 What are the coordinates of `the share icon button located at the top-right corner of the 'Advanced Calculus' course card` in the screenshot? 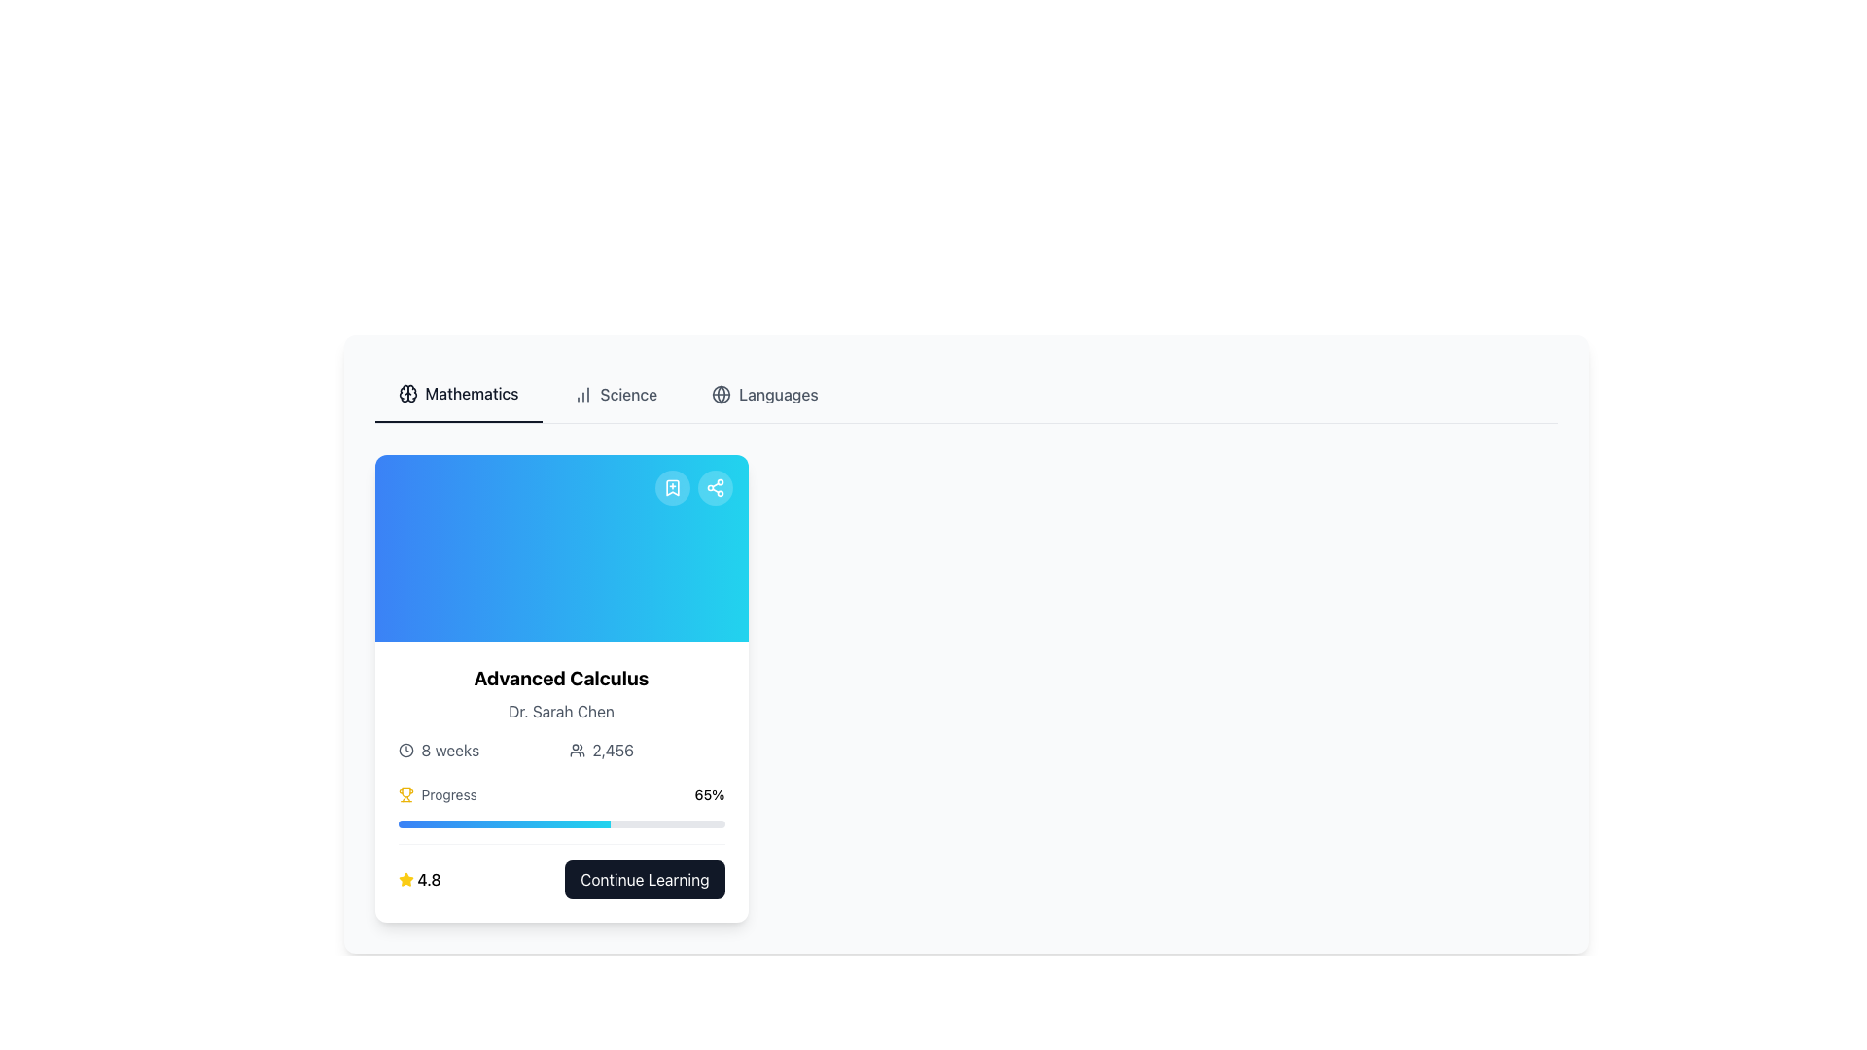 It's located at (714, 486).